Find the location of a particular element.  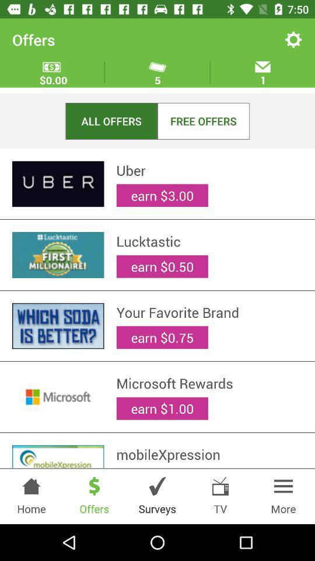

lucktastic is located at coordinates (209, 241).